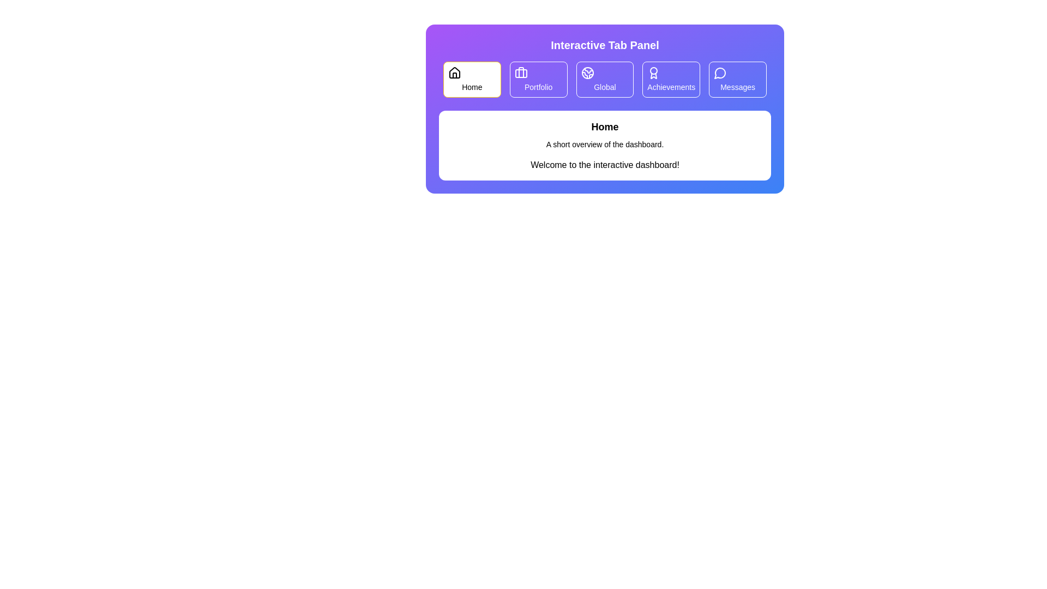 The width and height of the screenshot is (1047, 589). I want to click on displayed text from the informational panel located at the center bottom of the 'Interactive Tab Panel' under the 'Home' tab, so click(604, 145).